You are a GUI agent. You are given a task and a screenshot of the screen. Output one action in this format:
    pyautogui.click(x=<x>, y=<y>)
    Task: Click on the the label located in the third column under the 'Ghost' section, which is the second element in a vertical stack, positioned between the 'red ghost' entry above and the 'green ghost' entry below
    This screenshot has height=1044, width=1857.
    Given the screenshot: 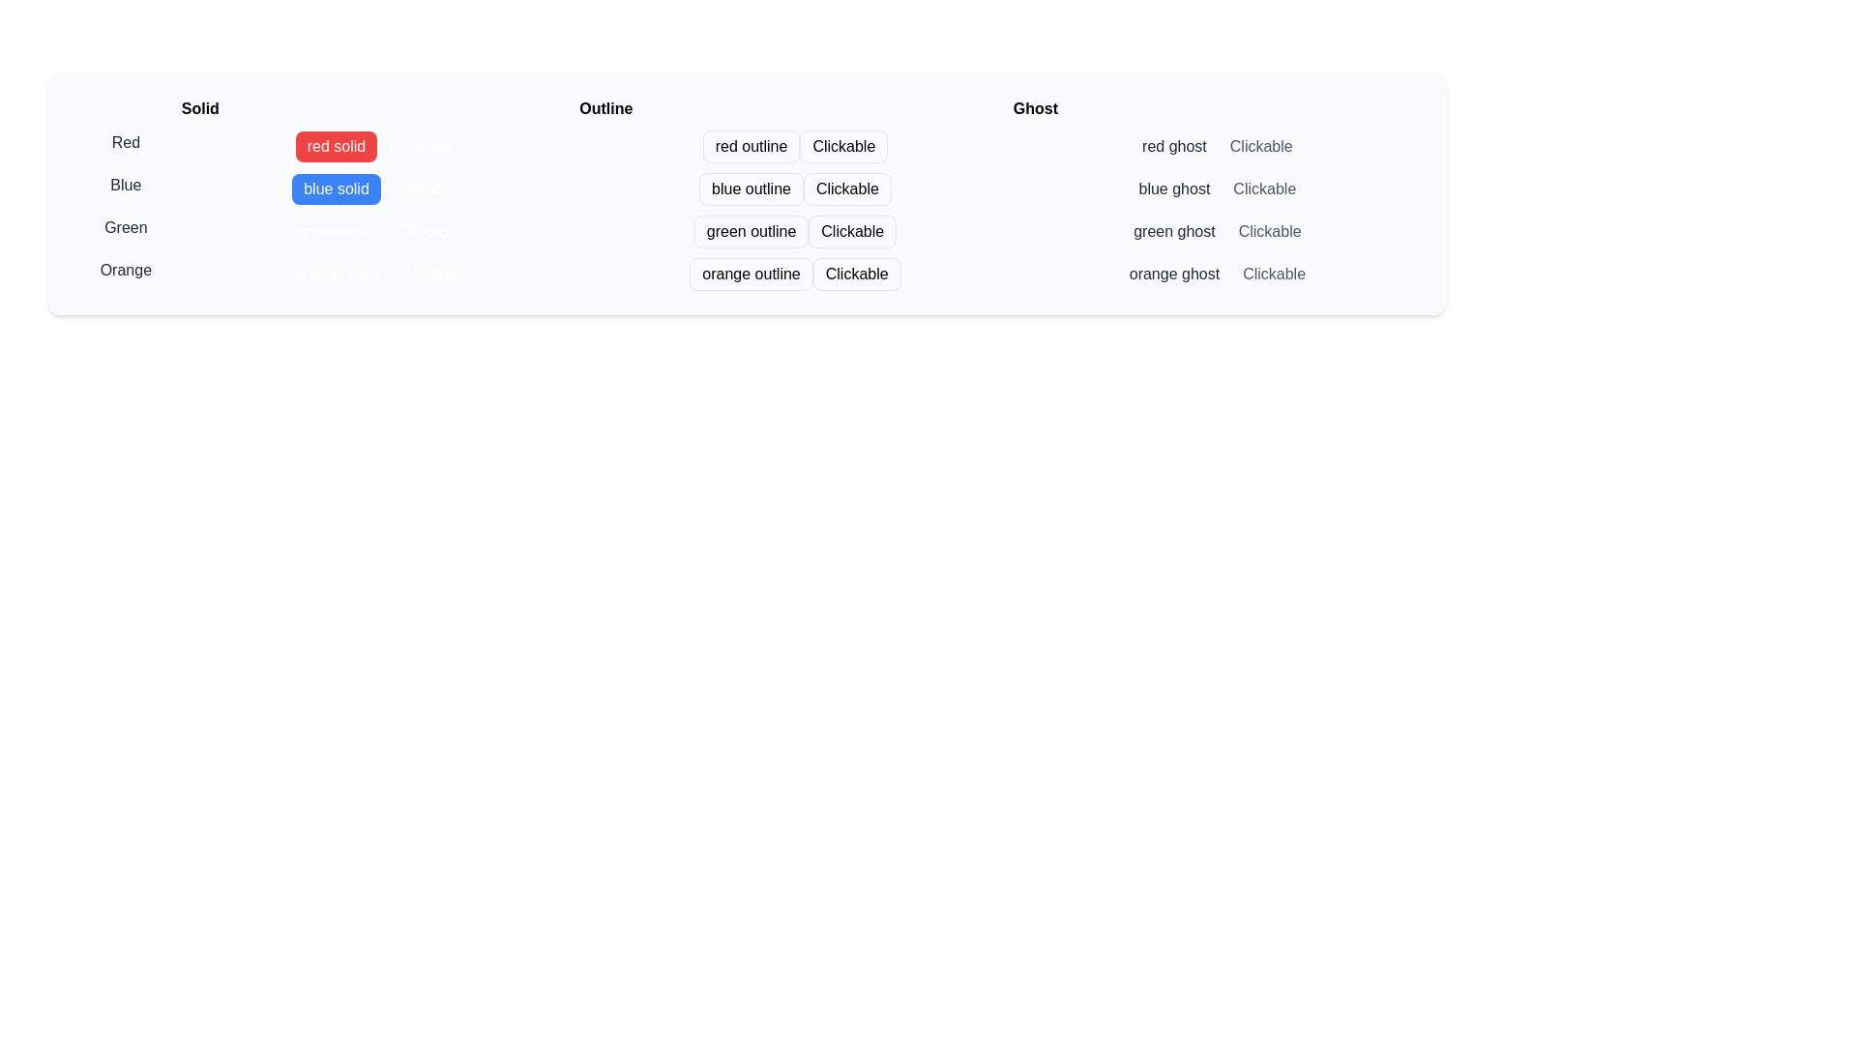 What is the action you would take?
    pyautogui.click(x=1173, y=189)
    